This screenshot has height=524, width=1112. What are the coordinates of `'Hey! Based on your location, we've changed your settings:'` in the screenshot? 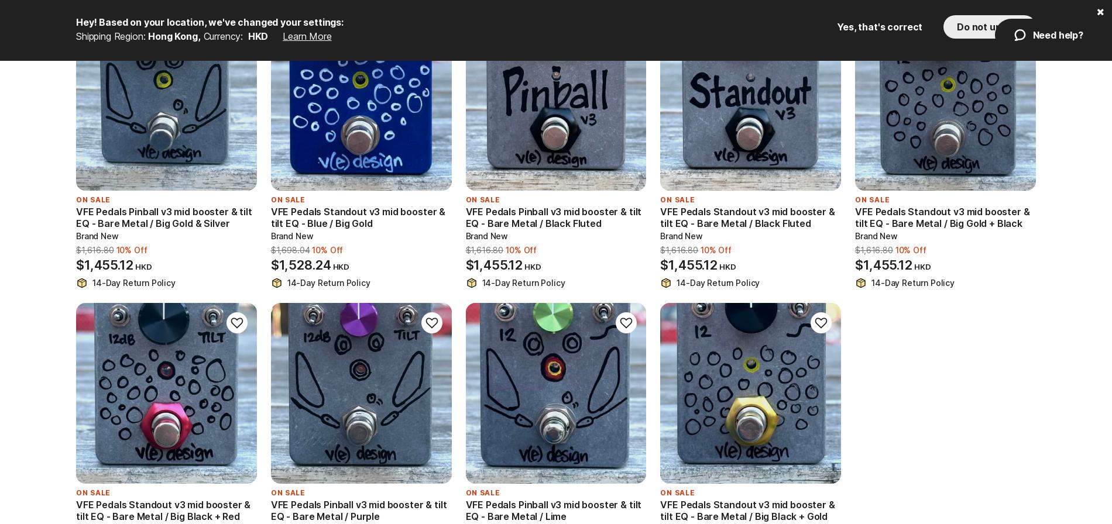 It's located at (208, 22).